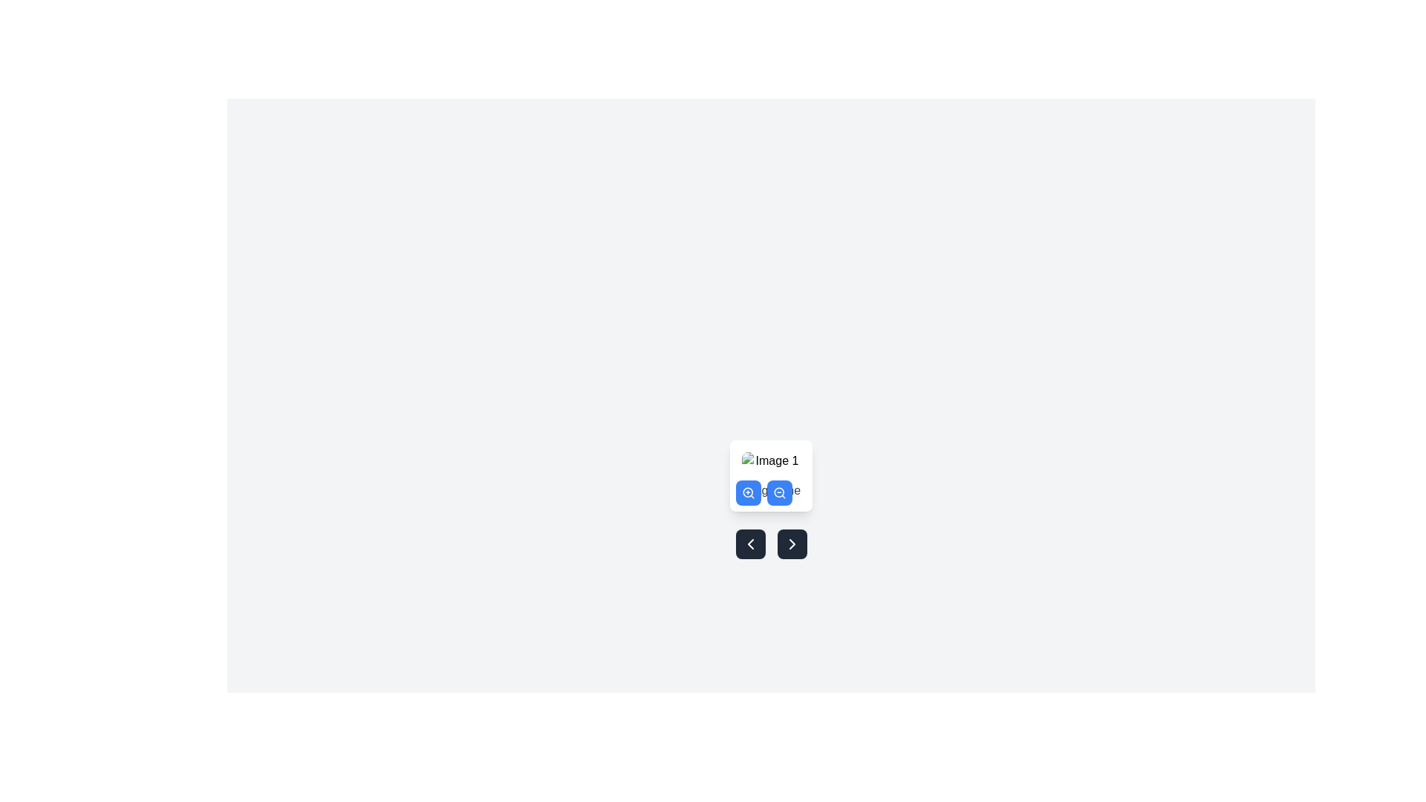 The image size is (1426, 802). What do you see at coordinates (750, 544) in the screenshot?
I see `the left navigational control button, which is an SVG icon depicting a leftward arrow symbol` at bounding box center [750, 544].